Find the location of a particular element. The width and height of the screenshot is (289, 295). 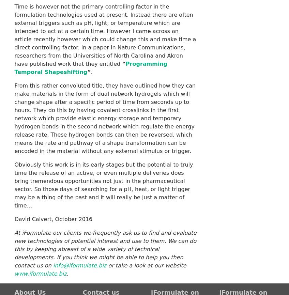

'From this rather convoluted title, they have outlined how they can make materials in the form of dual network hydrogels which will change shape after a specific period of time from seconds up to hours. They do this by having covalent crosslinks in the first network which provide elastic energy storage and temporary hydrogen bonds in the second network which regulate the energy release rate. These hydrogen bonds can then be reversed, which means the rate and pathway of a shape transformation can be encoded in the material without any external stimulus or trigger.' is located at coordinates (105, 118).